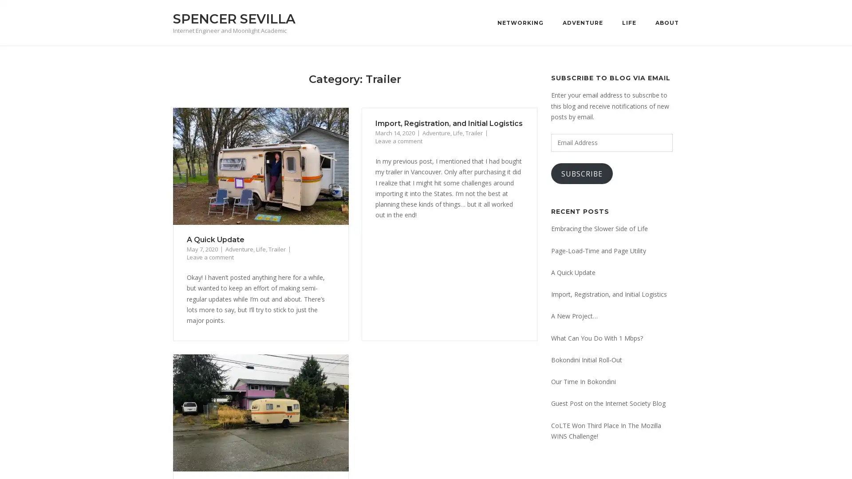  Describe the element at coordinates (582, 173) in the screenshot. I see `SUBSCRIBE` at that location.